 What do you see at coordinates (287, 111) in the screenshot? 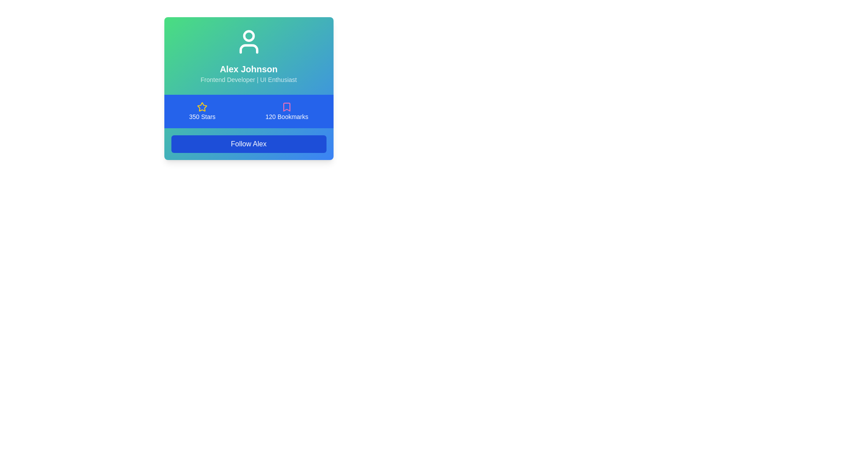
I see `the Statistical Display element that features a pink bookmark icon and displays '120 Bookmarks' in white text on a blue background, located center-right below the user details card` at bounding box center [287, 111].